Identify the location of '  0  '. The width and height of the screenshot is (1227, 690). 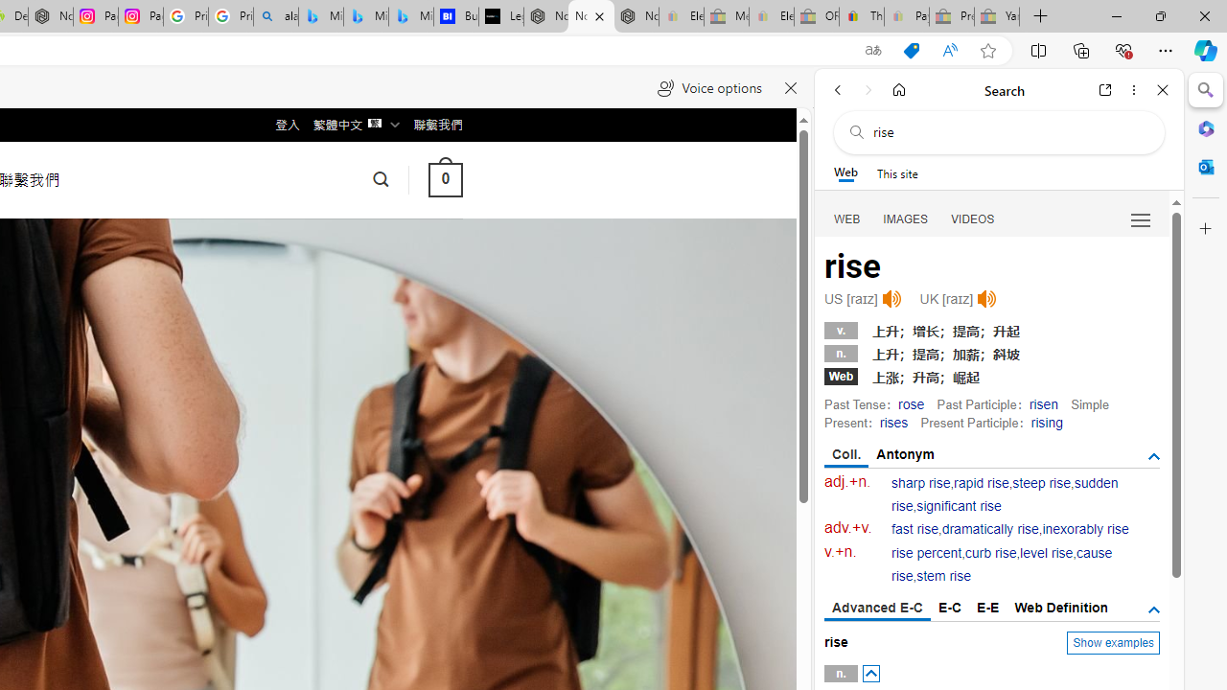
(444, 179).